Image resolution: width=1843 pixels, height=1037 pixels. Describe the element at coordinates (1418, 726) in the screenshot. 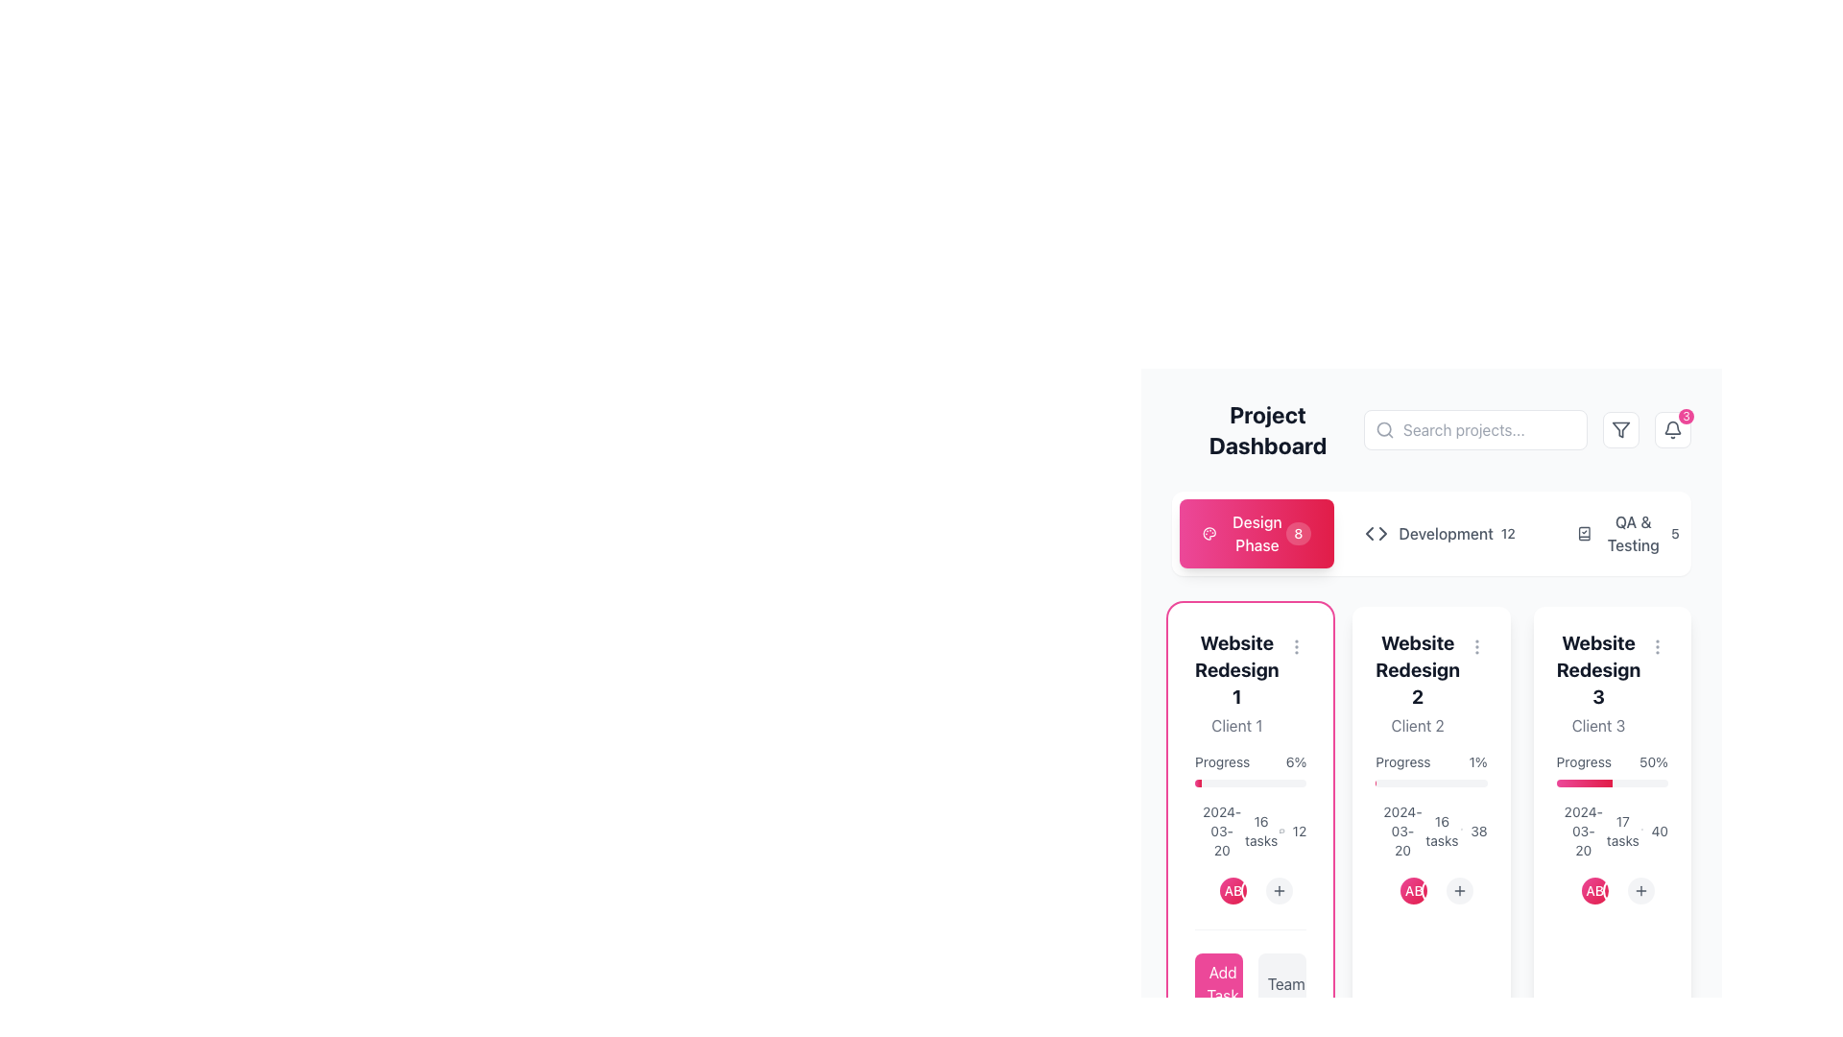

I see `the static text label that reads 'Client 2', which is styled in gray and located under the heading 'Website Redesign 2' within the second project card` at that location.